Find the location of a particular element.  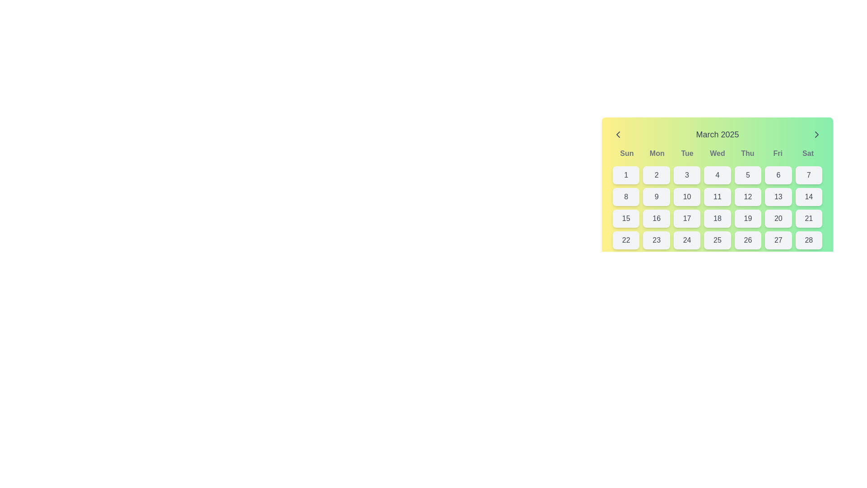

the button representing the 17th day in the calendar is located at coordinates (686, 218).